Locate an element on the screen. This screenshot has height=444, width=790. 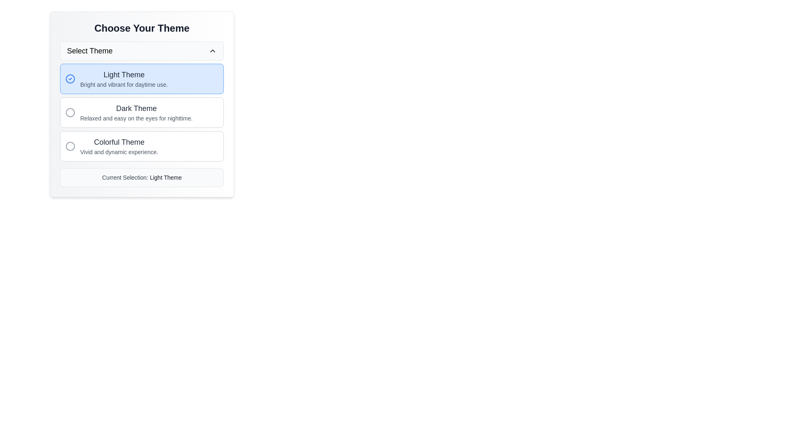
the 'Dark Theme' selectable list item with an embedded radio button, which has a white background and is positioned between the 'Light Theme' and 'Colorful Theme' options is located at coordinates (142, 112).